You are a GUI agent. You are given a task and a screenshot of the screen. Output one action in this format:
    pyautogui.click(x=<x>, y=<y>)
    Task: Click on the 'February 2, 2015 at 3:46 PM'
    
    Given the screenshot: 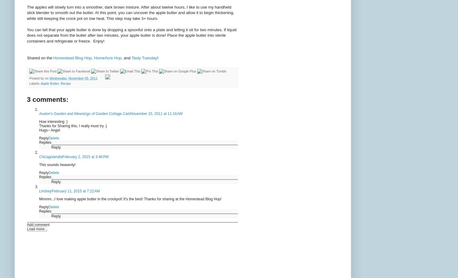 What is the action you would take?
    pyautogui.click(x=85, y=156)
    